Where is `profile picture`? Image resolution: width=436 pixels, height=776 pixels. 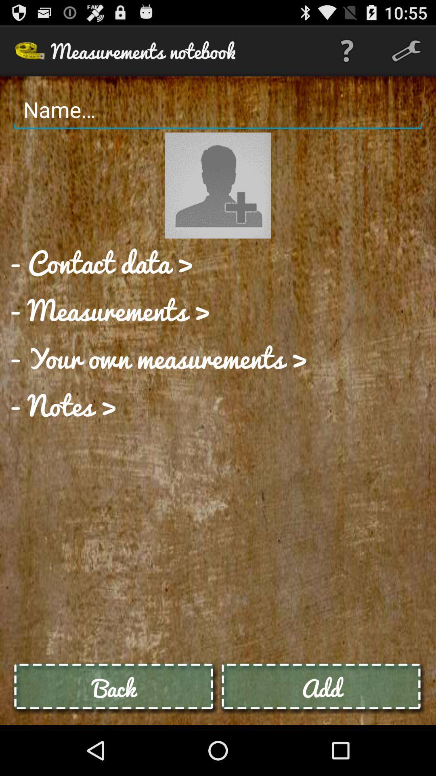 profile picture is located at coordinates (218, 185).